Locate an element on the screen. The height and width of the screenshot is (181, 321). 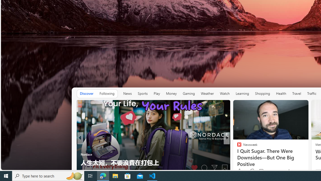
'Money' is located at coordinates (171, 93).